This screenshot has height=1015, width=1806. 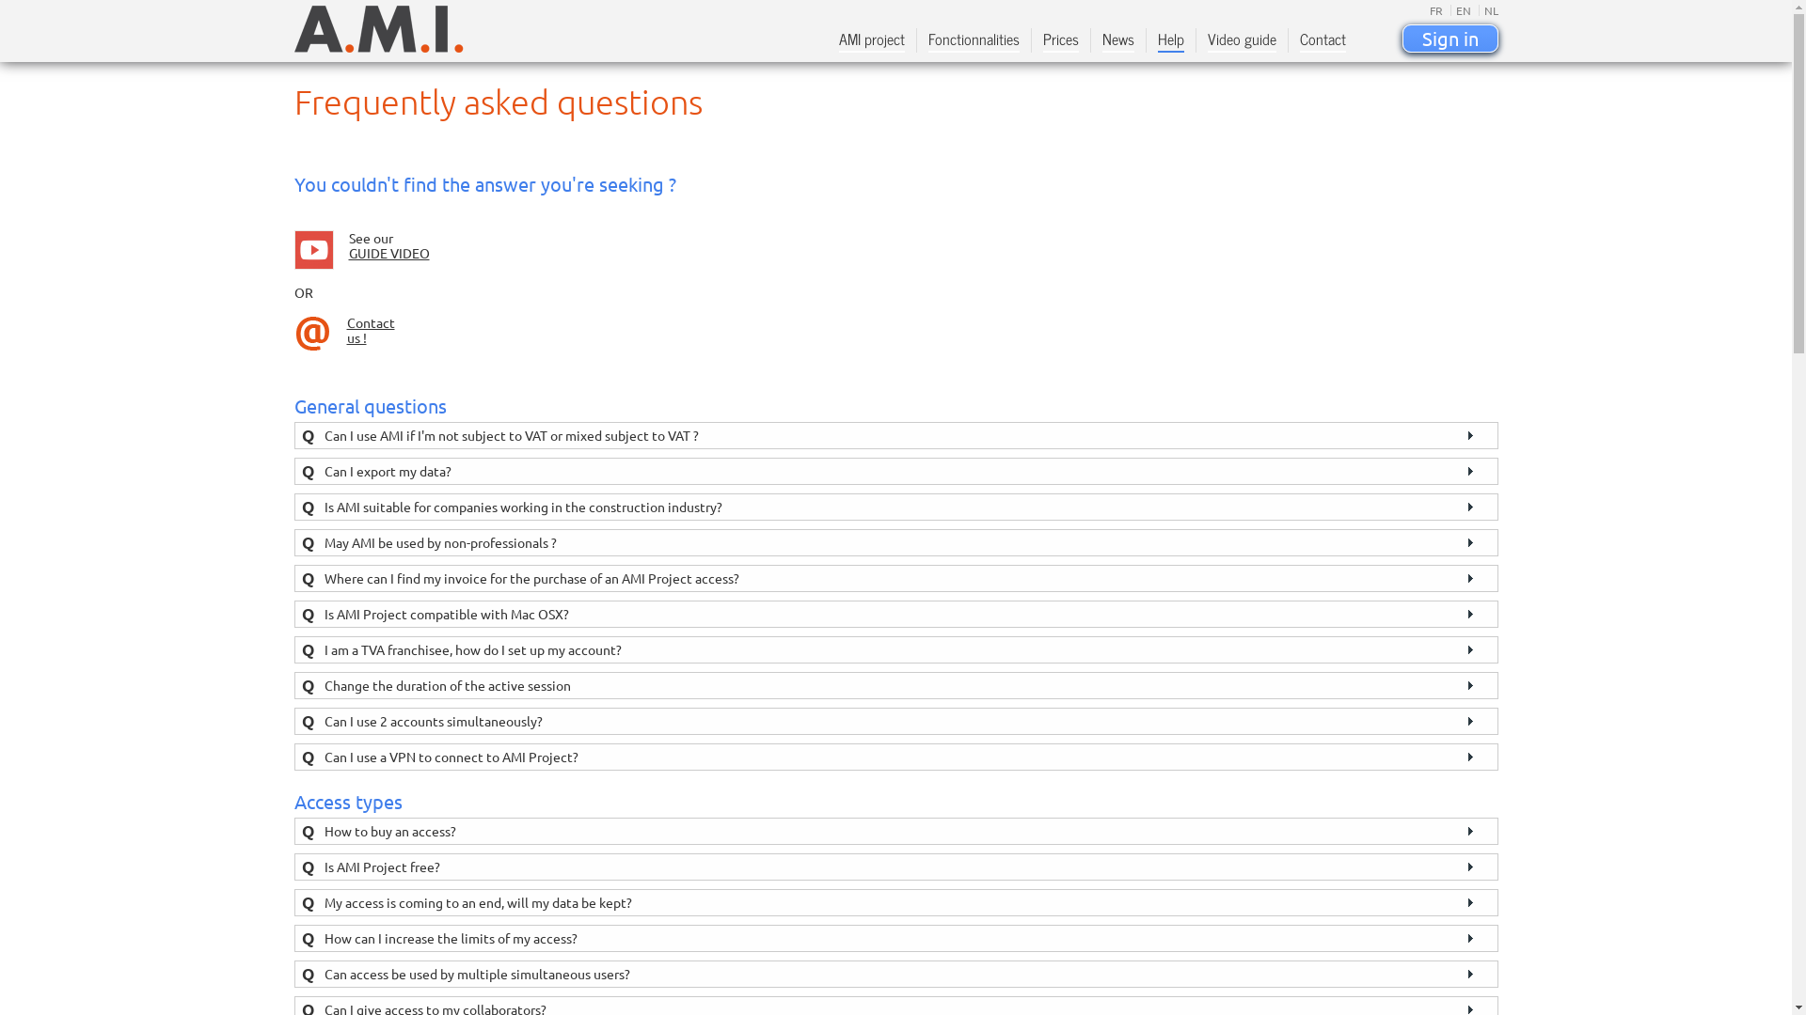 I want to click on 'Help', so click(x=1168, y=41).